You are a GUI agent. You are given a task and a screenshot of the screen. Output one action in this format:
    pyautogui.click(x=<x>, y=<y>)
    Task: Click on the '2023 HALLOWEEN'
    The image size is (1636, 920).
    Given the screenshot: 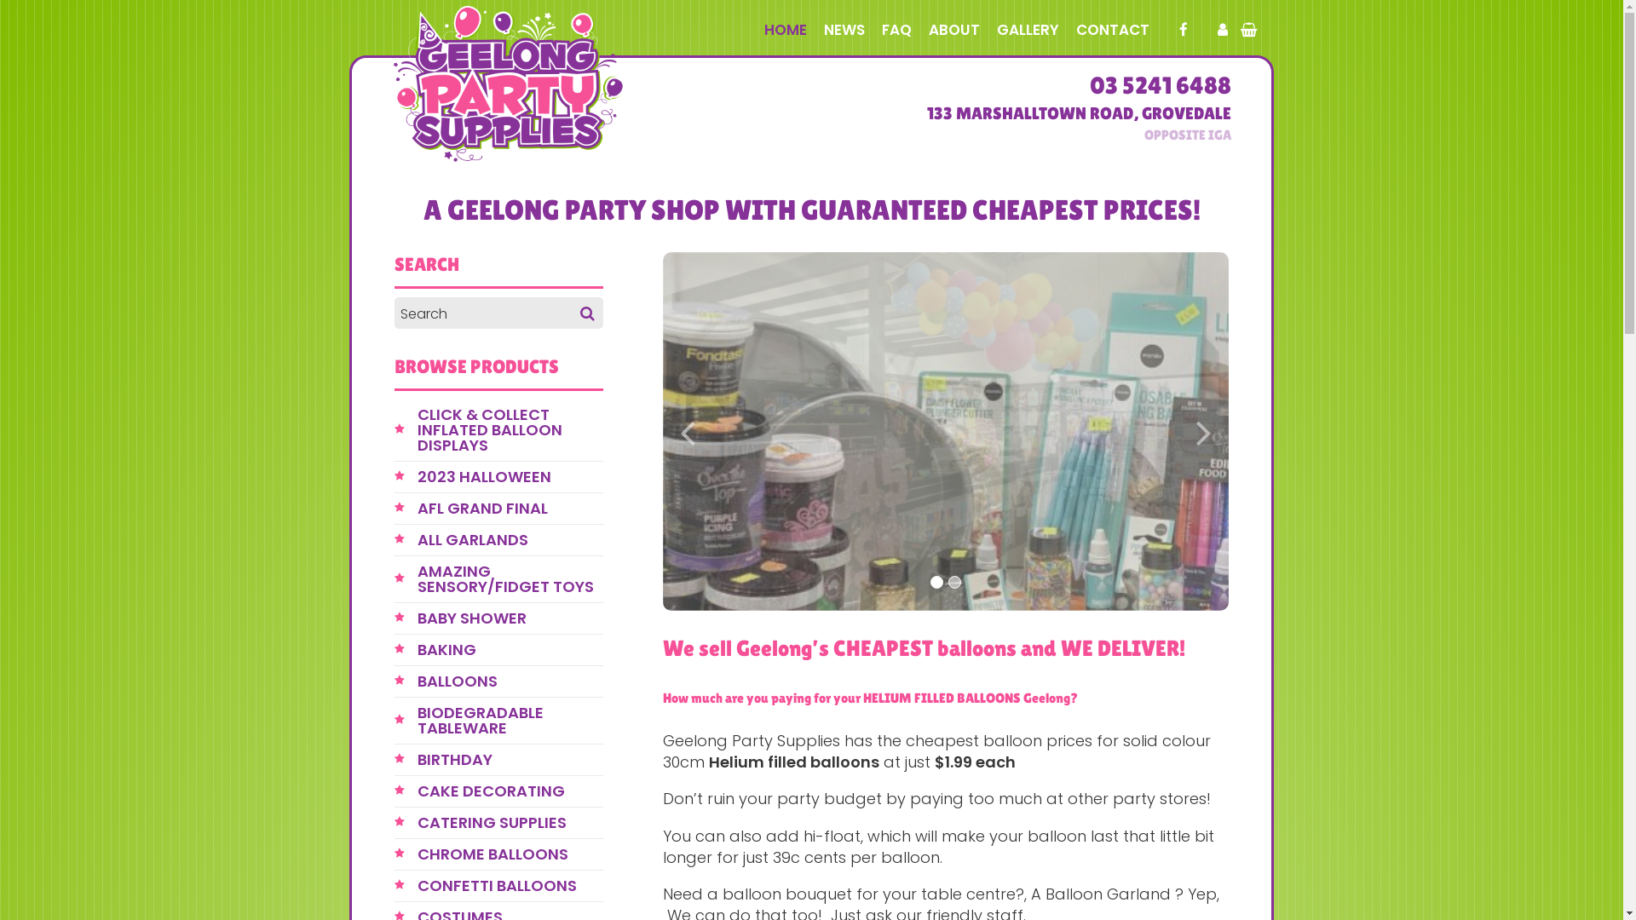 What is the action you would take?
    pyautogui.click(x=510, y=476)
    